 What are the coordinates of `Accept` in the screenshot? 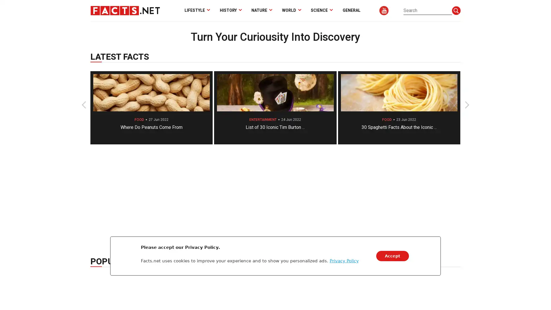 It's located at (377, 255).